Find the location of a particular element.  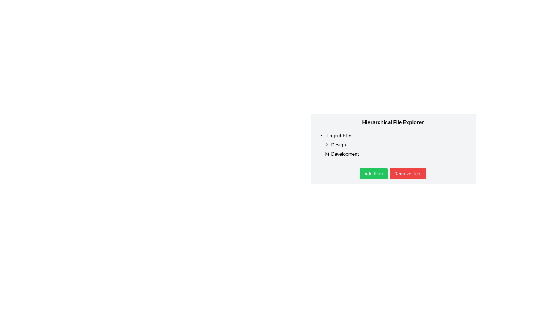

the small right-facing chevron arrow icon located to the left of the 'Design' text for hierarchical navigation within the file explorer layout is located at coordinates (327, 144).